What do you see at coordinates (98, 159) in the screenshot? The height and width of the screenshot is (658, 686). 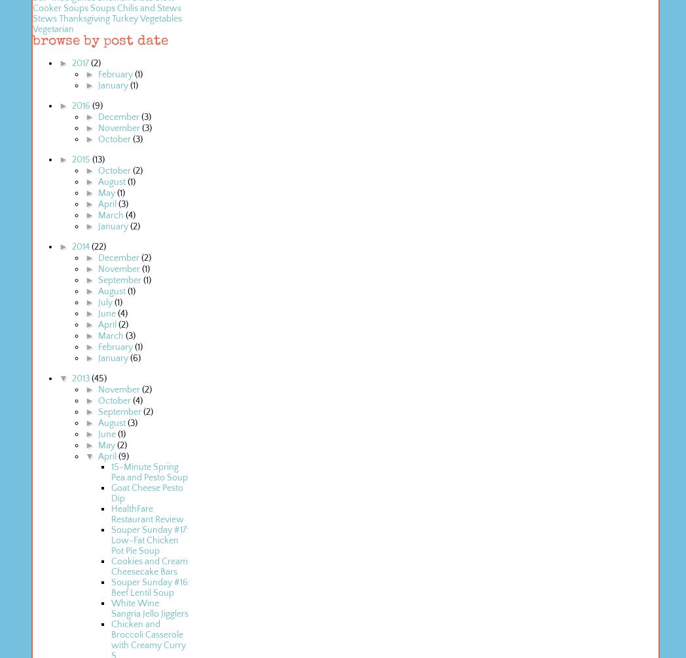 I see `'(13)'` at bounding box center [98, 159].